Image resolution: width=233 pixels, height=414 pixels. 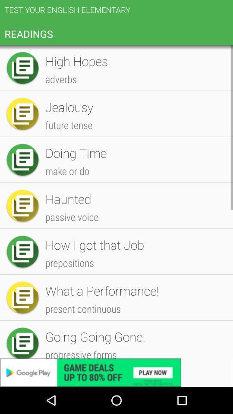 What do you see at coordinates (135, 131) in the screenshot?
I see `the random test icon` at bounding box center [135, 131].